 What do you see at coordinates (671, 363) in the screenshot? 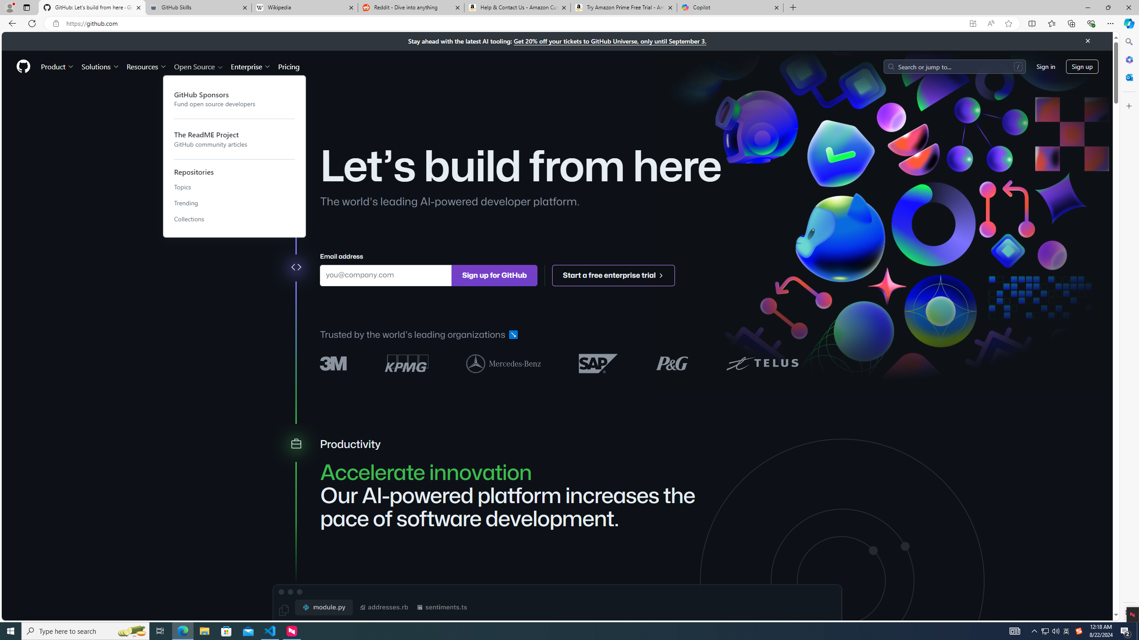
I see `'P&G logo'` at bounding box center [671, 363].